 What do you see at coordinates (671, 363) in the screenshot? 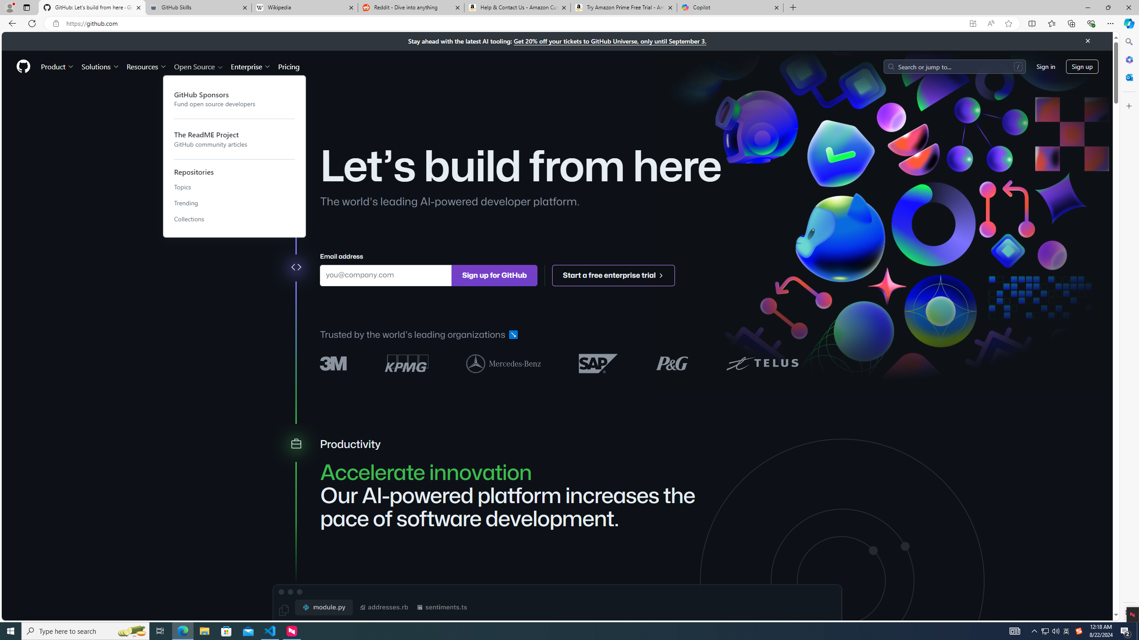
I see `'P&G logo'` at bounding box center [671, 363].